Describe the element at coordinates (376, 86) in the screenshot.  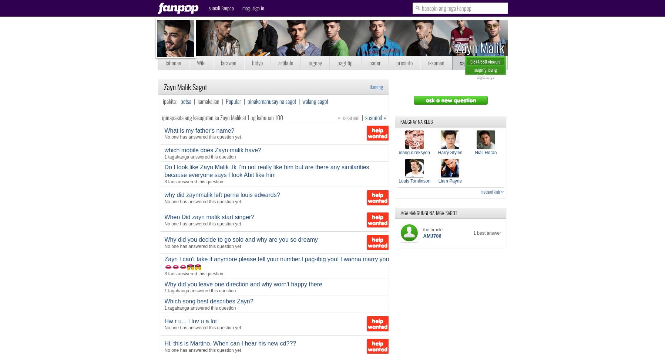
I see `'itanong'` at that location.